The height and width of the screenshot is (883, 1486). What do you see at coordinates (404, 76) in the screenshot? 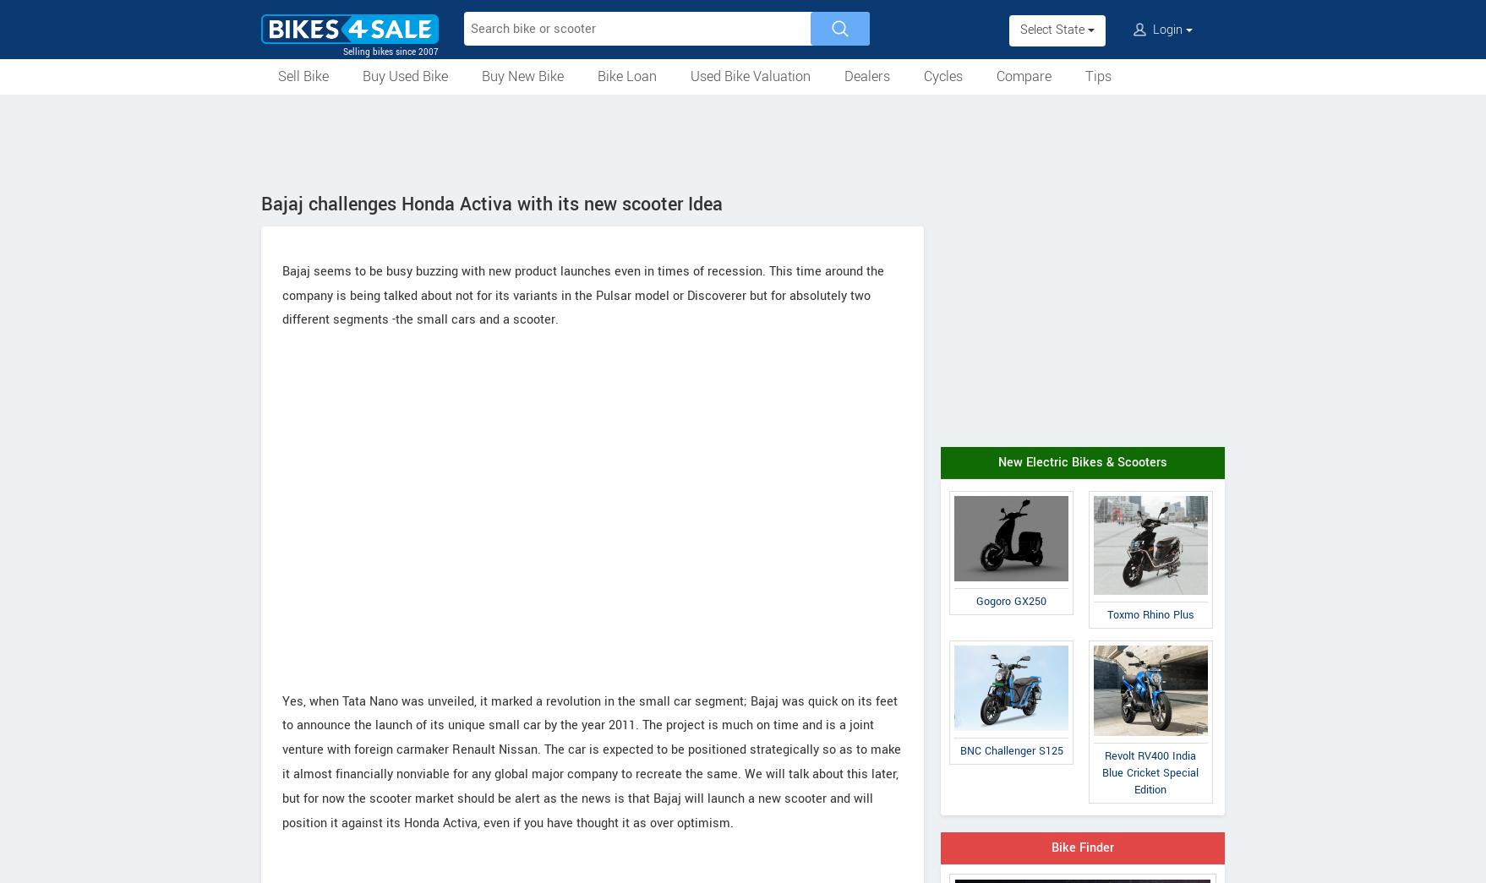
I see `'Buy Used Bike'` at bounding box center [404, 76].